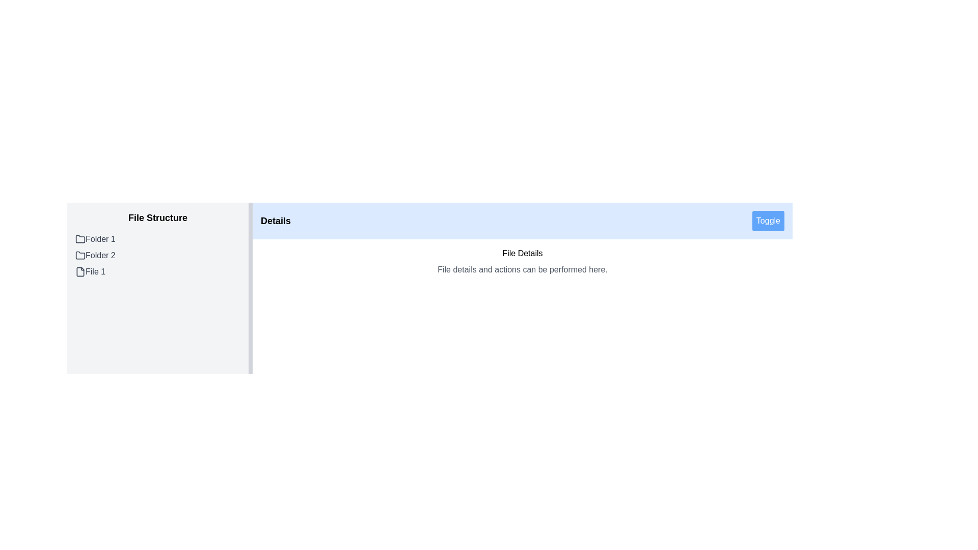 This screenshot has height=550, width=978. I want to click on the non-interactive informative label located directly beneath the 'File Details' heading in the 'Details' section, so click(523, 269).